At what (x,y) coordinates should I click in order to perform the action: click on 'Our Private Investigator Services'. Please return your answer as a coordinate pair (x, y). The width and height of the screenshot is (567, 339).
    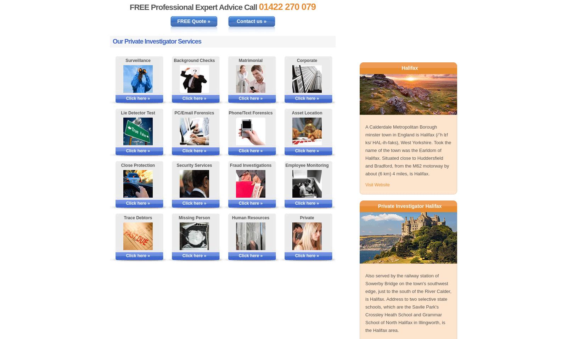
    Looking at the image, I should click on (157, 41).